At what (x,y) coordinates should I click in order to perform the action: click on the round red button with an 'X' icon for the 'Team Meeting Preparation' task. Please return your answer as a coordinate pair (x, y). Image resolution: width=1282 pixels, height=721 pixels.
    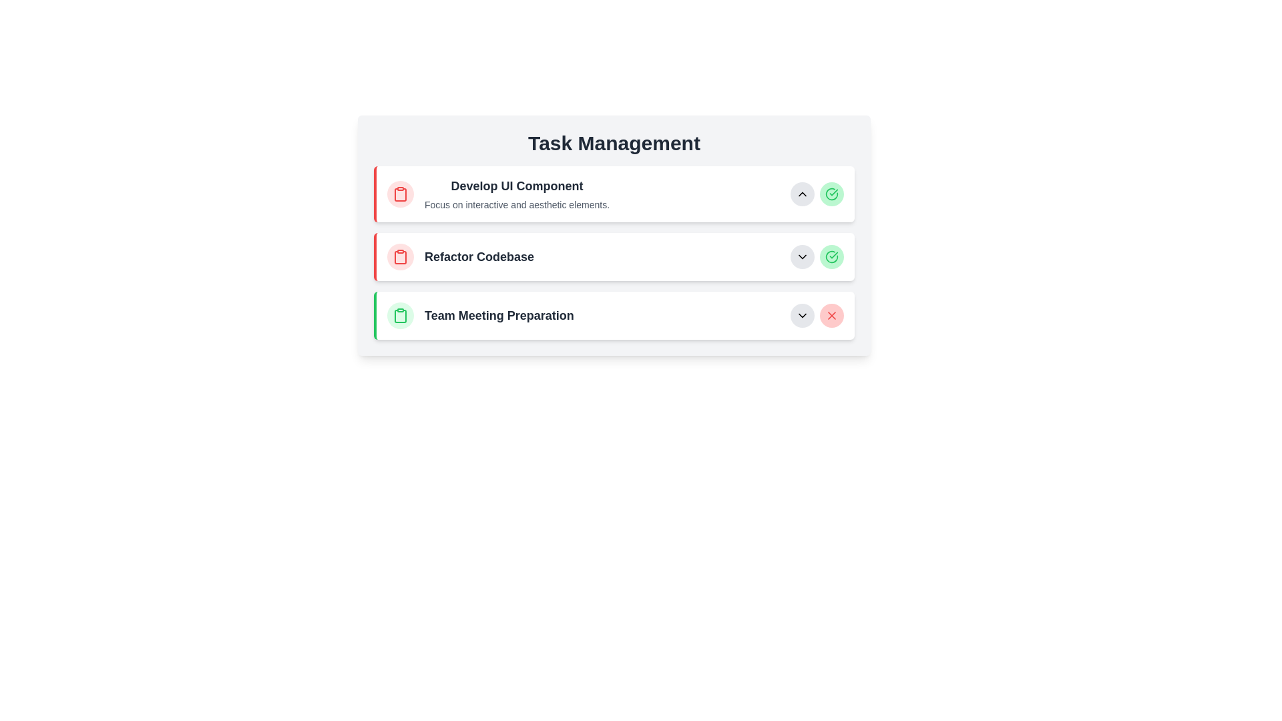
    Looking at the image, I should click on (831, 316).